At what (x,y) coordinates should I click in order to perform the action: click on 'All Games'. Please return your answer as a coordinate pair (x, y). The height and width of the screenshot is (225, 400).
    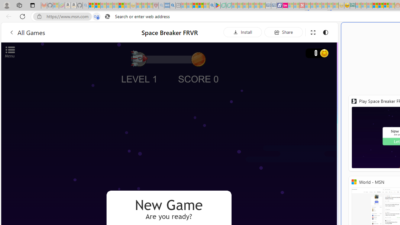
    Looking at the image, I should click on (27, 32).